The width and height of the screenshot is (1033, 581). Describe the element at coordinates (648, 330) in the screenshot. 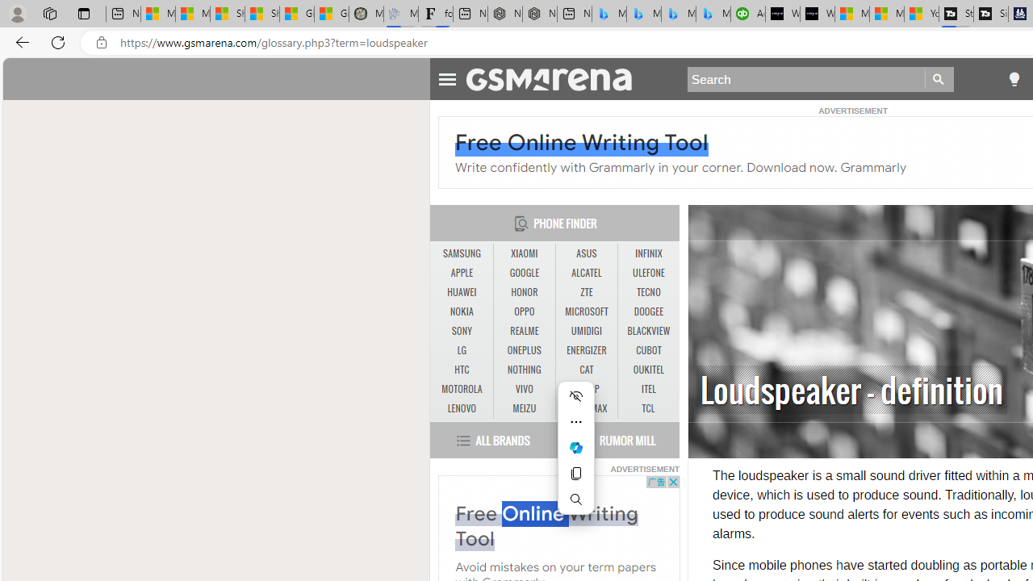

I see `'BLACKVIEW'` at that location.